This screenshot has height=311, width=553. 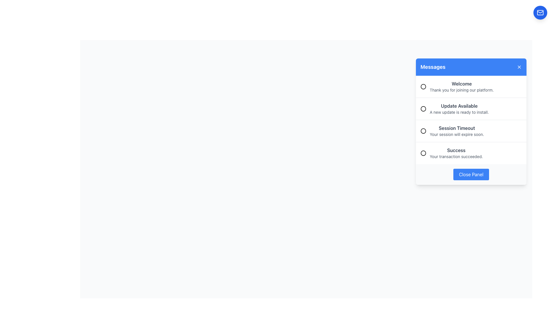 What do you see at coordinates (540, 12) in the screenshot?
I see `the rectangular body of the email icon located in the top-right corner of the interface` at bounding box center [540, 12].